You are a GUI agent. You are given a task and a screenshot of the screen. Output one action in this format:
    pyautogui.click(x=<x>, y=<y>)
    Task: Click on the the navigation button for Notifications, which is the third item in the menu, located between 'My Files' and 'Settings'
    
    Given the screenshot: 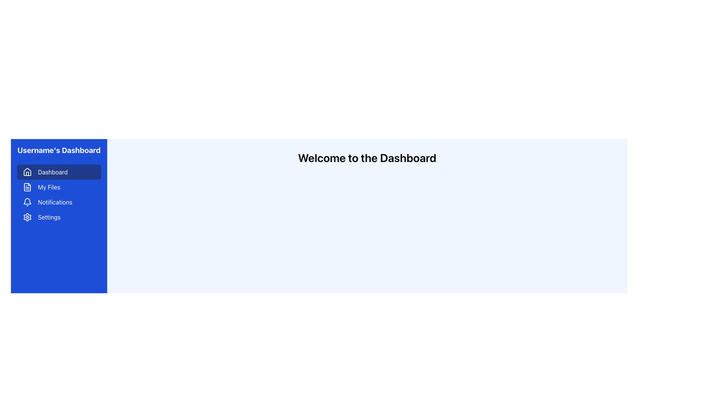 What is the action you would take?
    pyautogui.click(x=59, y=201)
    